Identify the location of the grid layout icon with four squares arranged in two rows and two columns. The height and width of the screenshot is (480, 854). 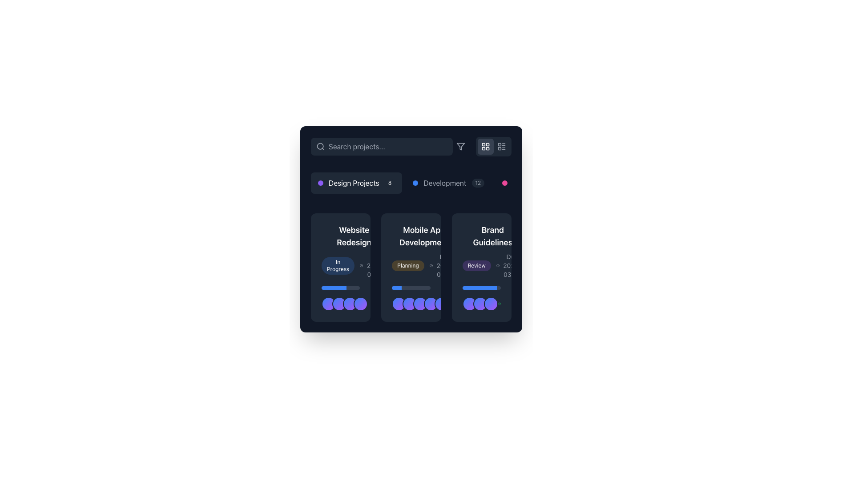
(485, 146).